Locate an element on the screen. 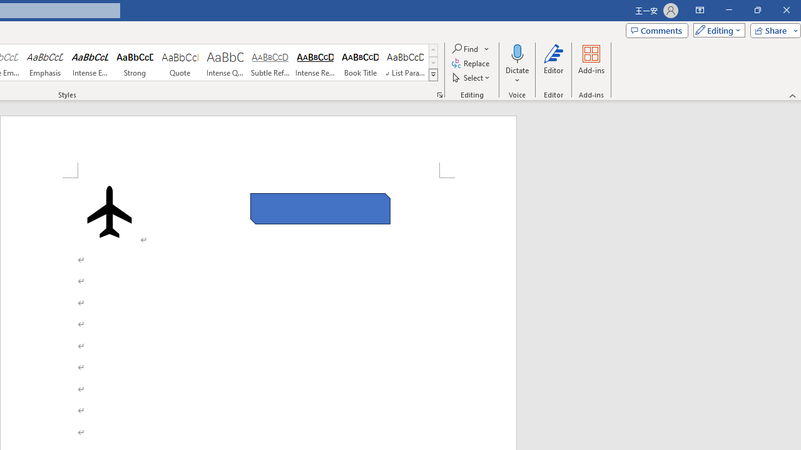 The image size is (801, 450). 'Styles' is located at coordinates (433, 75).